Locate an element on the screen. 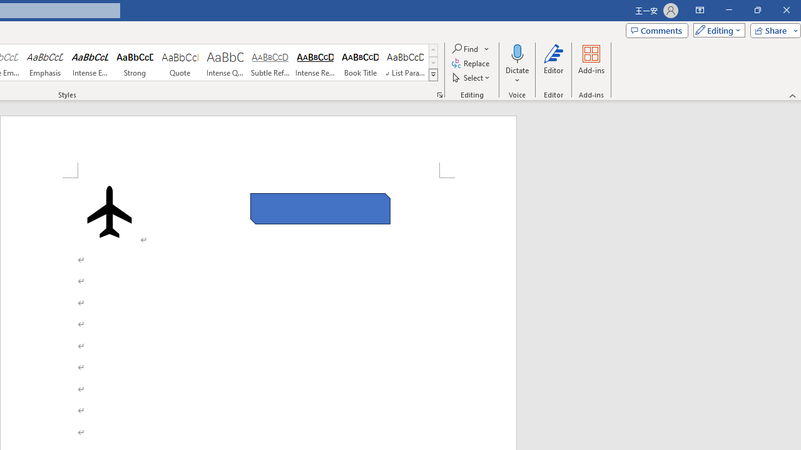 The image size is (801, 450). 'Styles' is located at coordinates (433, 75).